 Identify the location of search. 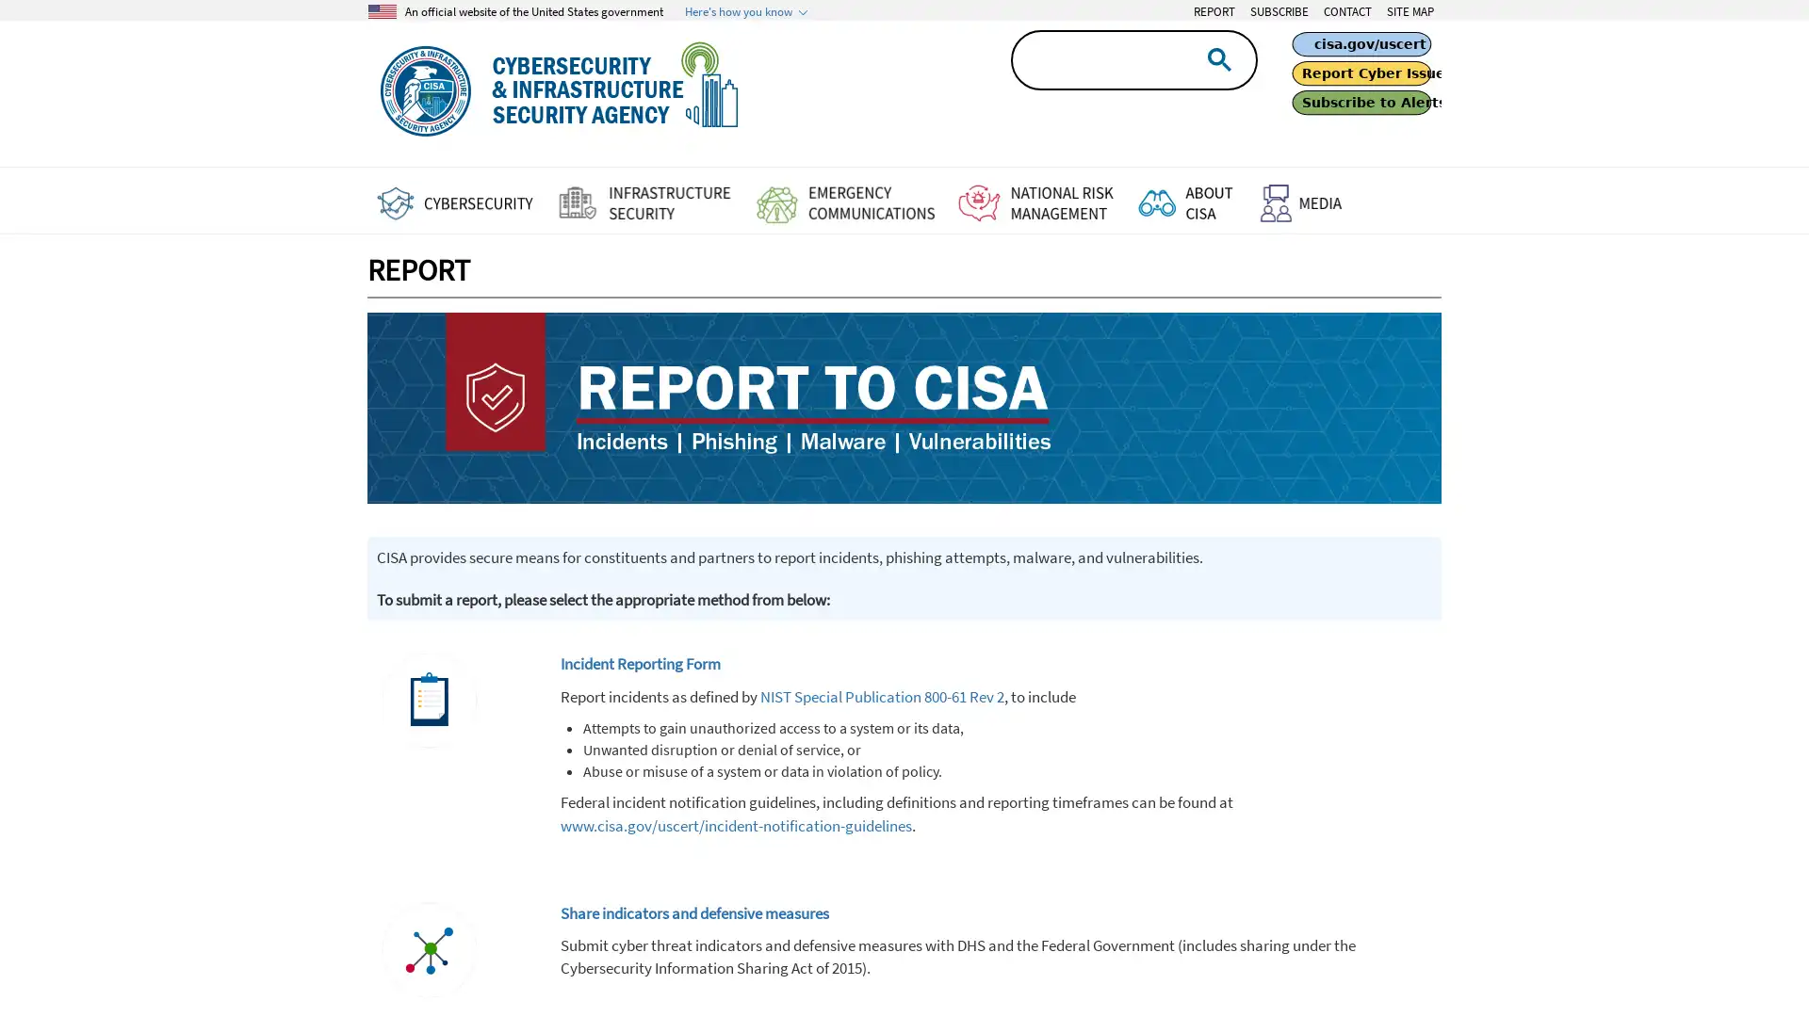
(1215, 56).